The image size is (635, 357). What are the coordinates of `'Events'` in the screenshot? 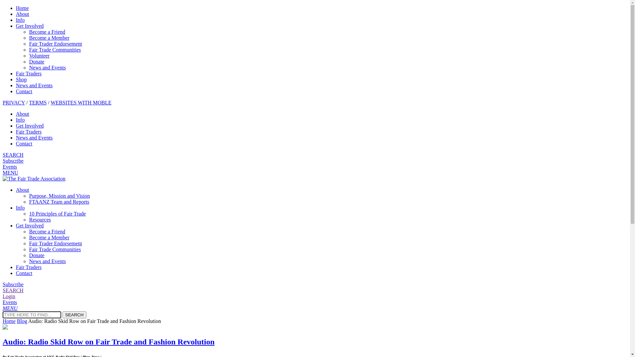 It's located at (10, 166).